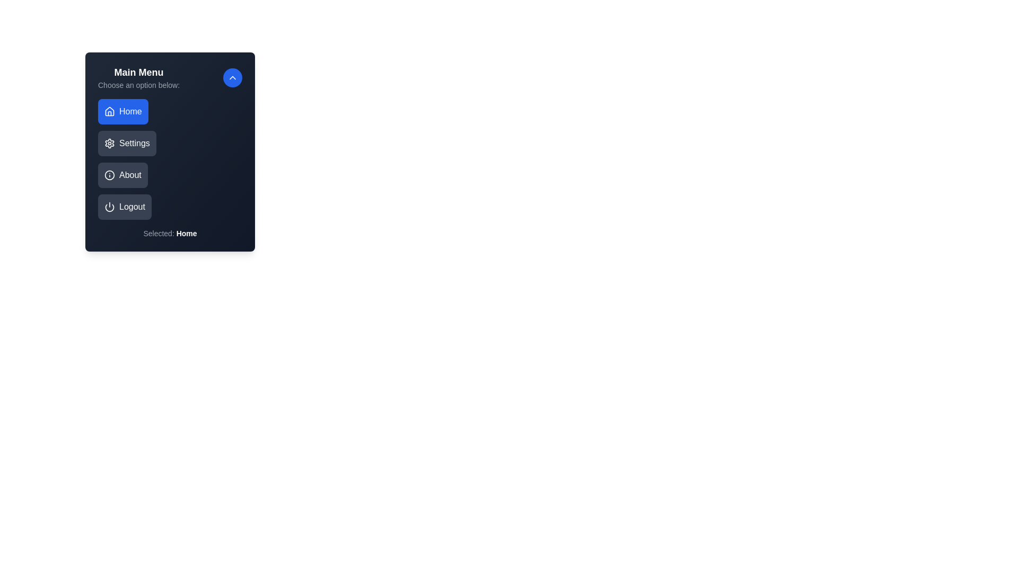 The image size is (1018, 572). What do you see at coordinates (122, 112) in the screenshot?
I see `the 'Home' button with a blue background and house-shaped icon in the 'Main Menu' panel` at bounding box center [122, 112].